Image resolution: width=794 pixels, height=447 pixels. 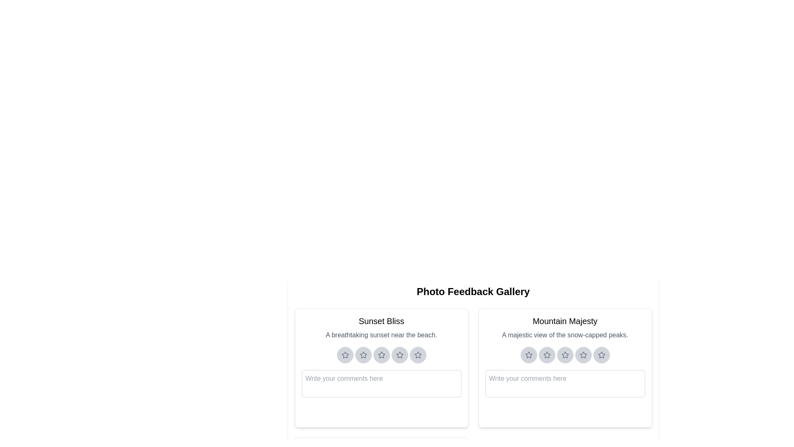 I want to click on the fourth circular button with a light gray background and gray star icon, located below the title 'Sunset Bliss', so click(x=399, y=354).